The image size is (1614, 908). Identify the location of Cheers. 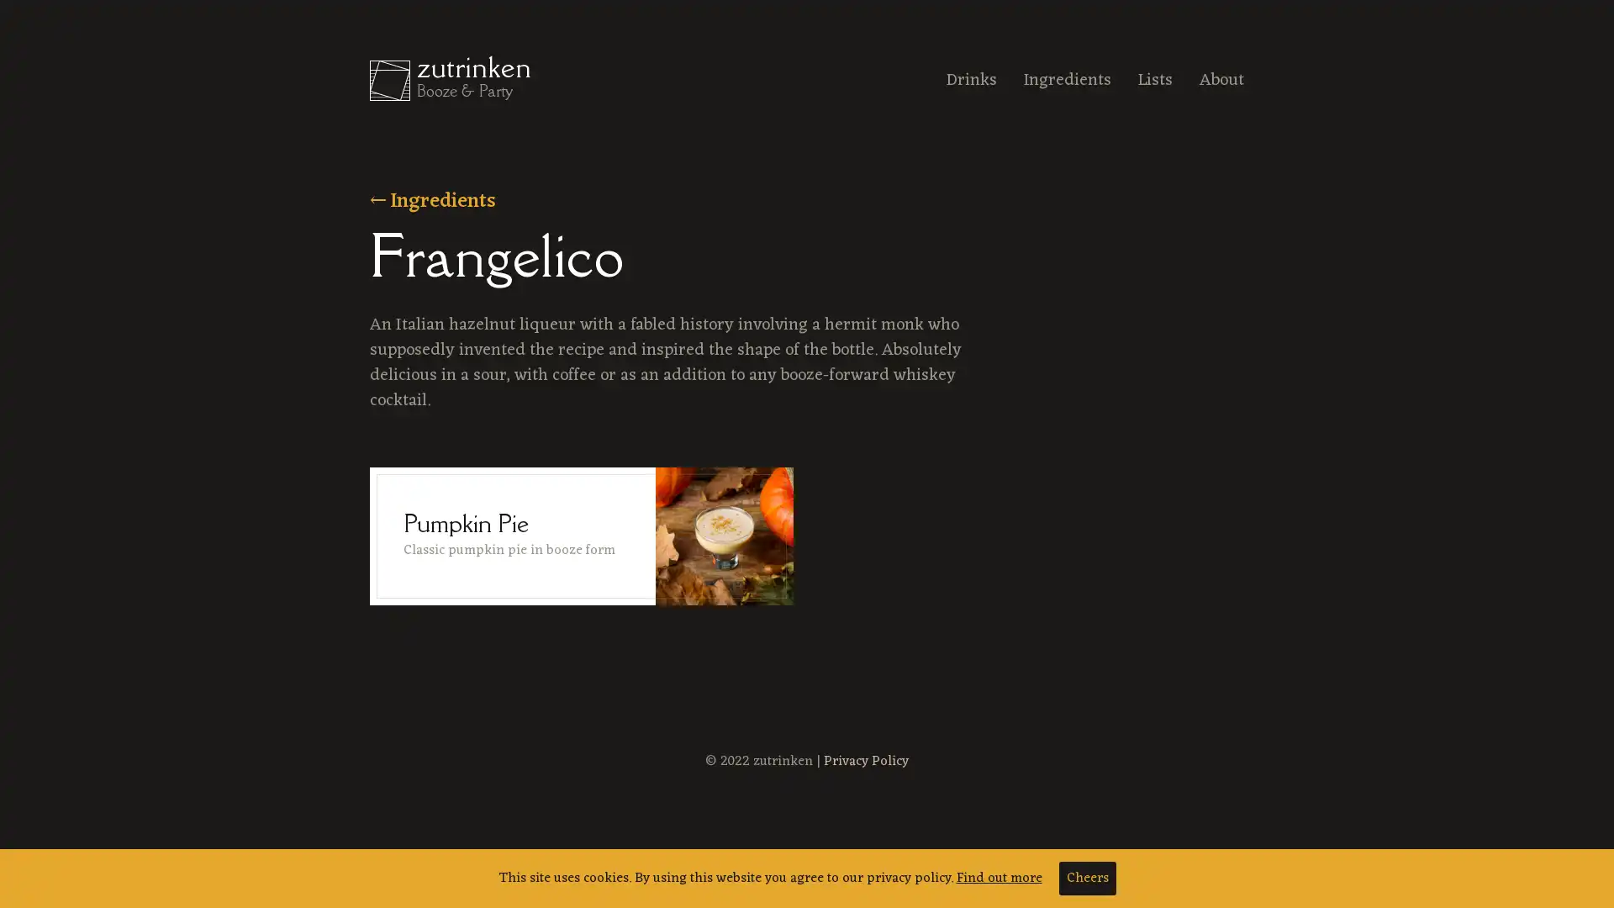
(1086, 878).